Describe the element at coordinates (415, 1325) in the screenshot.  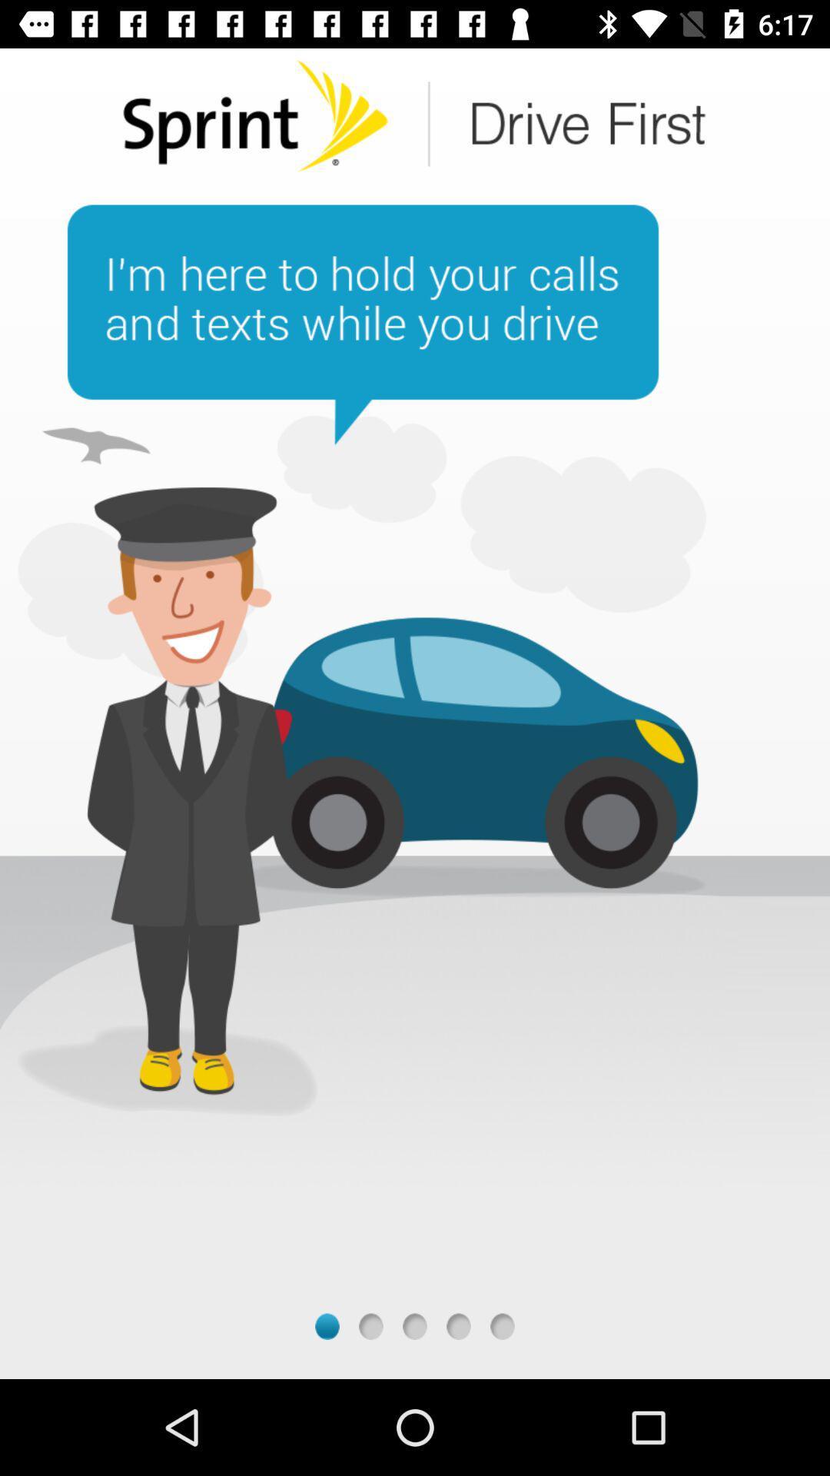
I see `next page` at that location.